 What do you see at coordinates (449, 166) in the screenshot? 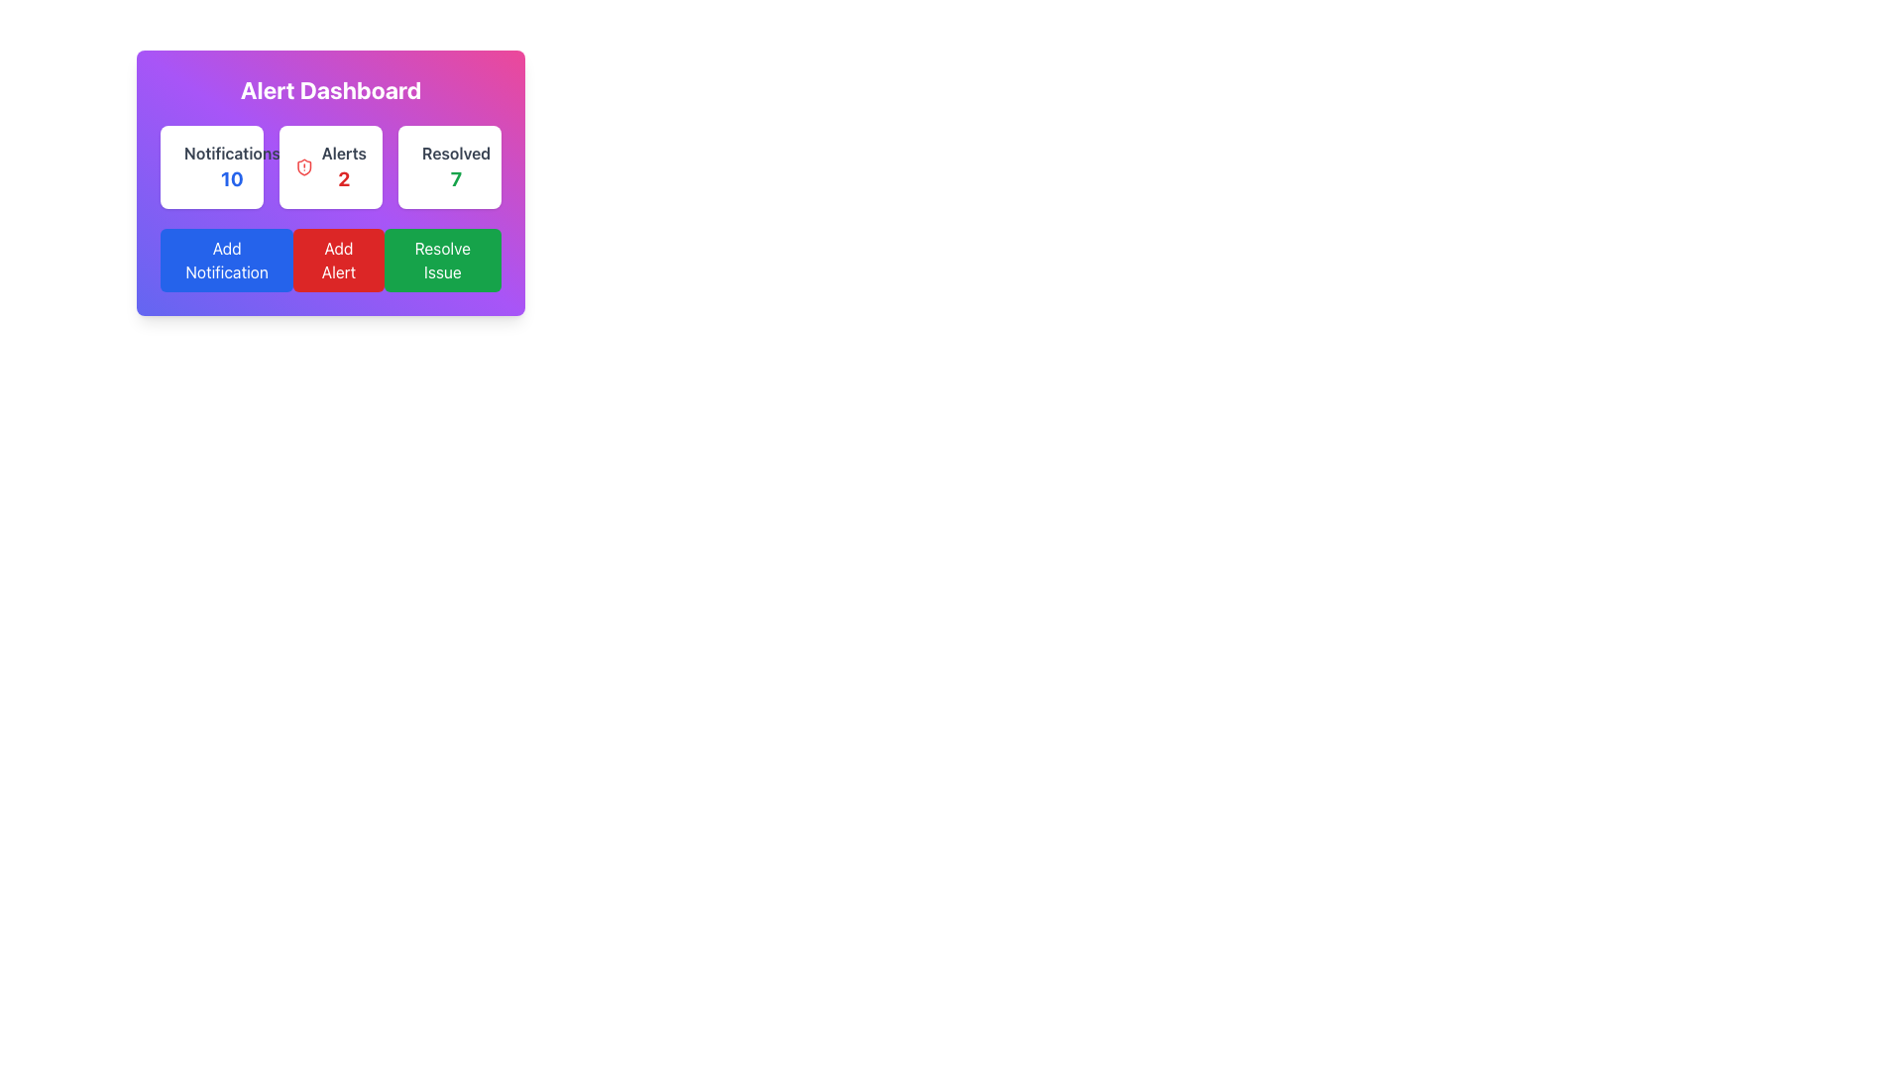
I see `the informational card component labeled 'Resolved7' that displays a count of '7' resolved items, located in the right column of the dashboard layout` at bounding box center [449, 166].